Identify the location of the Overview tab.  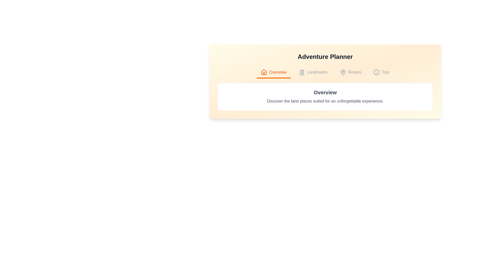
(273, 73).